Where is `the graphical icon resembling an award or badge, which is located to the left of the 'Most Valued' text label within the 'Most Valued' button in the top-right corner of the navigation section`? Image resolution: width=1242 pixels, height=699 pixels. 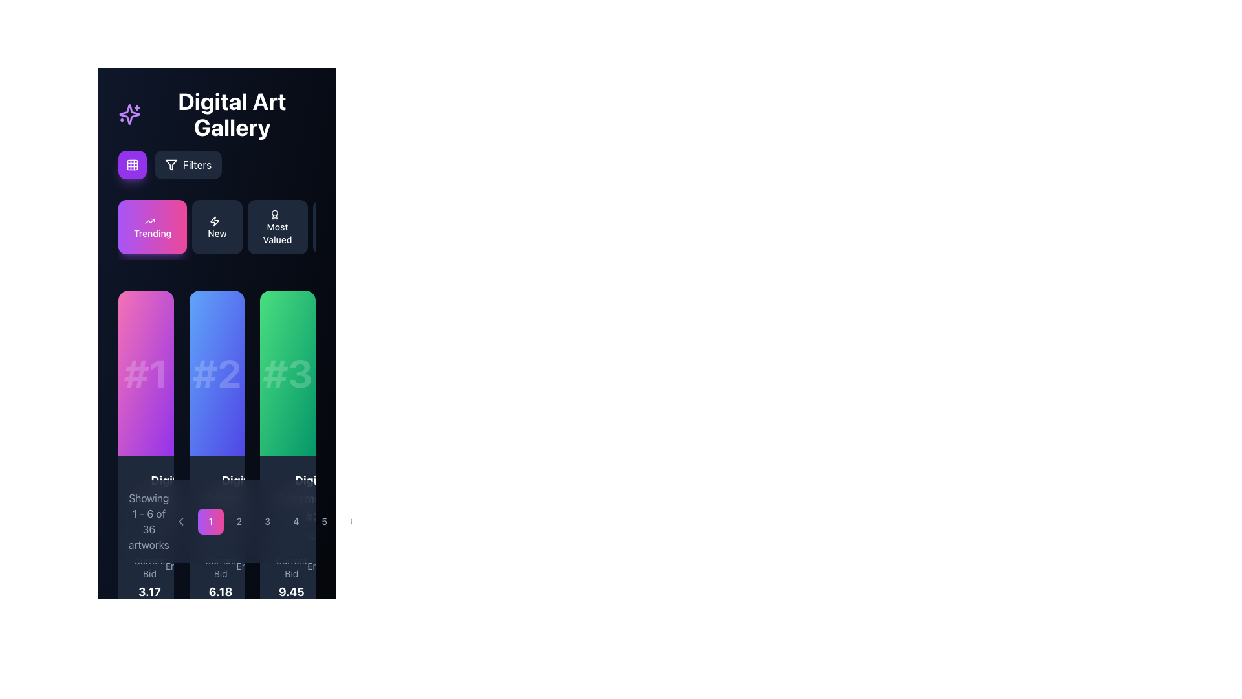 the graphical icon resembling an award or badge, which is located to the left of the 'Most Valued' text label within the 'Most Valued' button in the top-right corner of the navigation section is located at coordinates (274, 214).